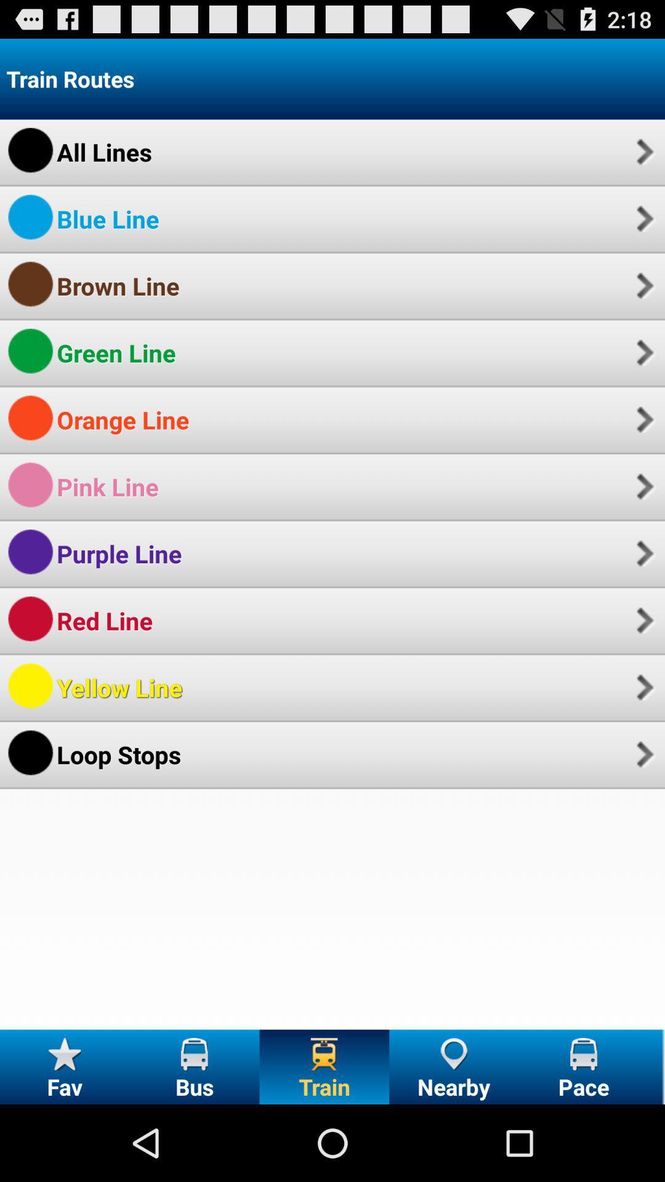  What do you see at coordinates (643, 621) in the screenshot?
I see `the app to the right of red line icon` at bounding box center [643, 621].